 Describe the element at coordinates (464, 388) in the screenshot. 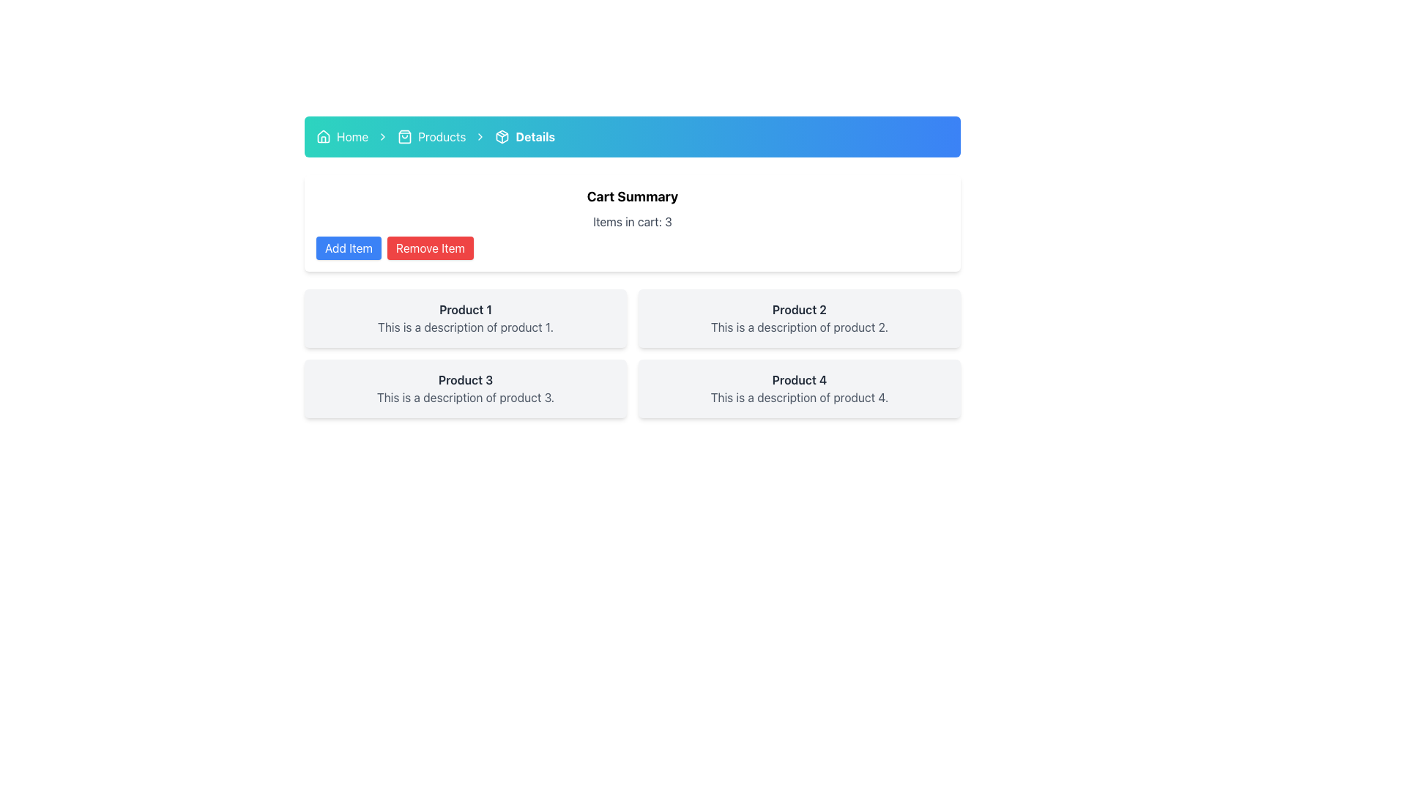

I see `the display card that presents the title and description for 'Product 3', which is the third card in a grid layout positioned in the bottom-left quadrant` at that location.